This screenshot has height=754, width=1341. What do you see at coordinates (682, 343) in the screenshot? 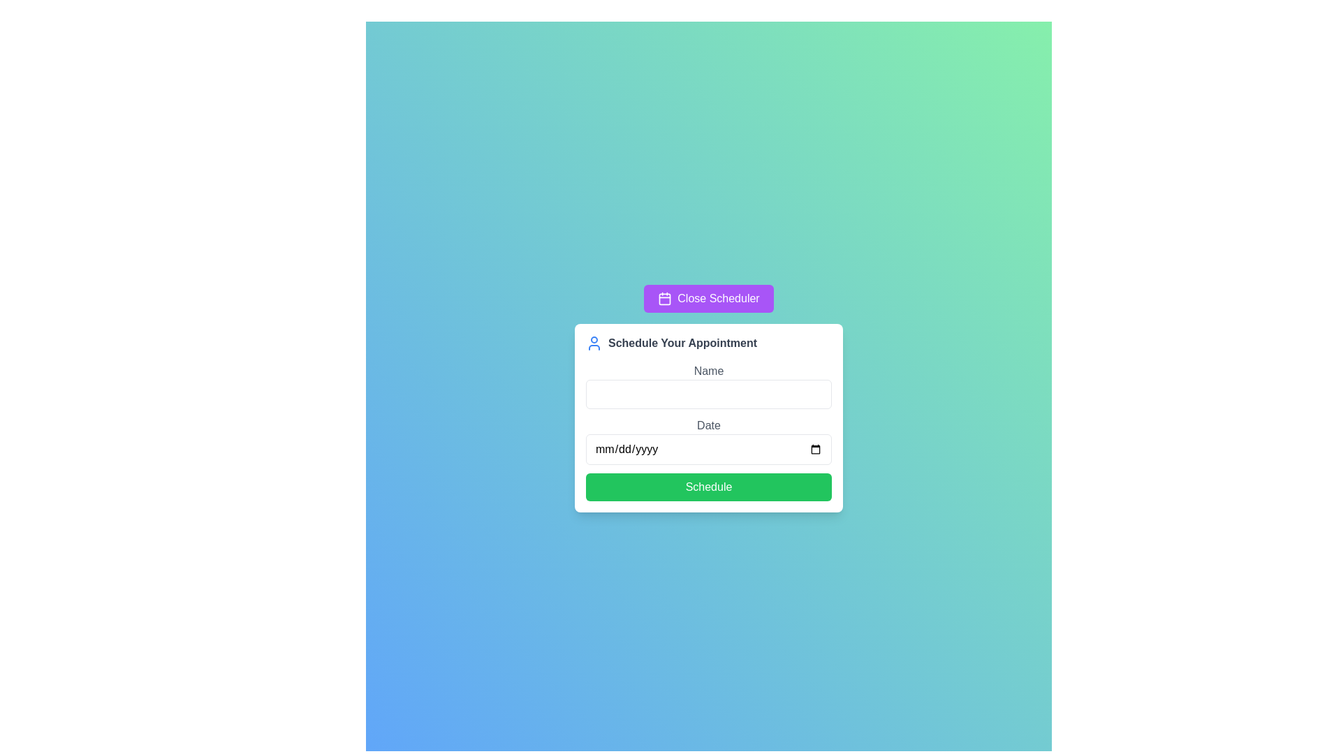
I see `the static text label reading 'Schedule Your Appointment', which is styled with bold gray characters and located at the top of the scheduler interface` at bounding box center [682, 343].